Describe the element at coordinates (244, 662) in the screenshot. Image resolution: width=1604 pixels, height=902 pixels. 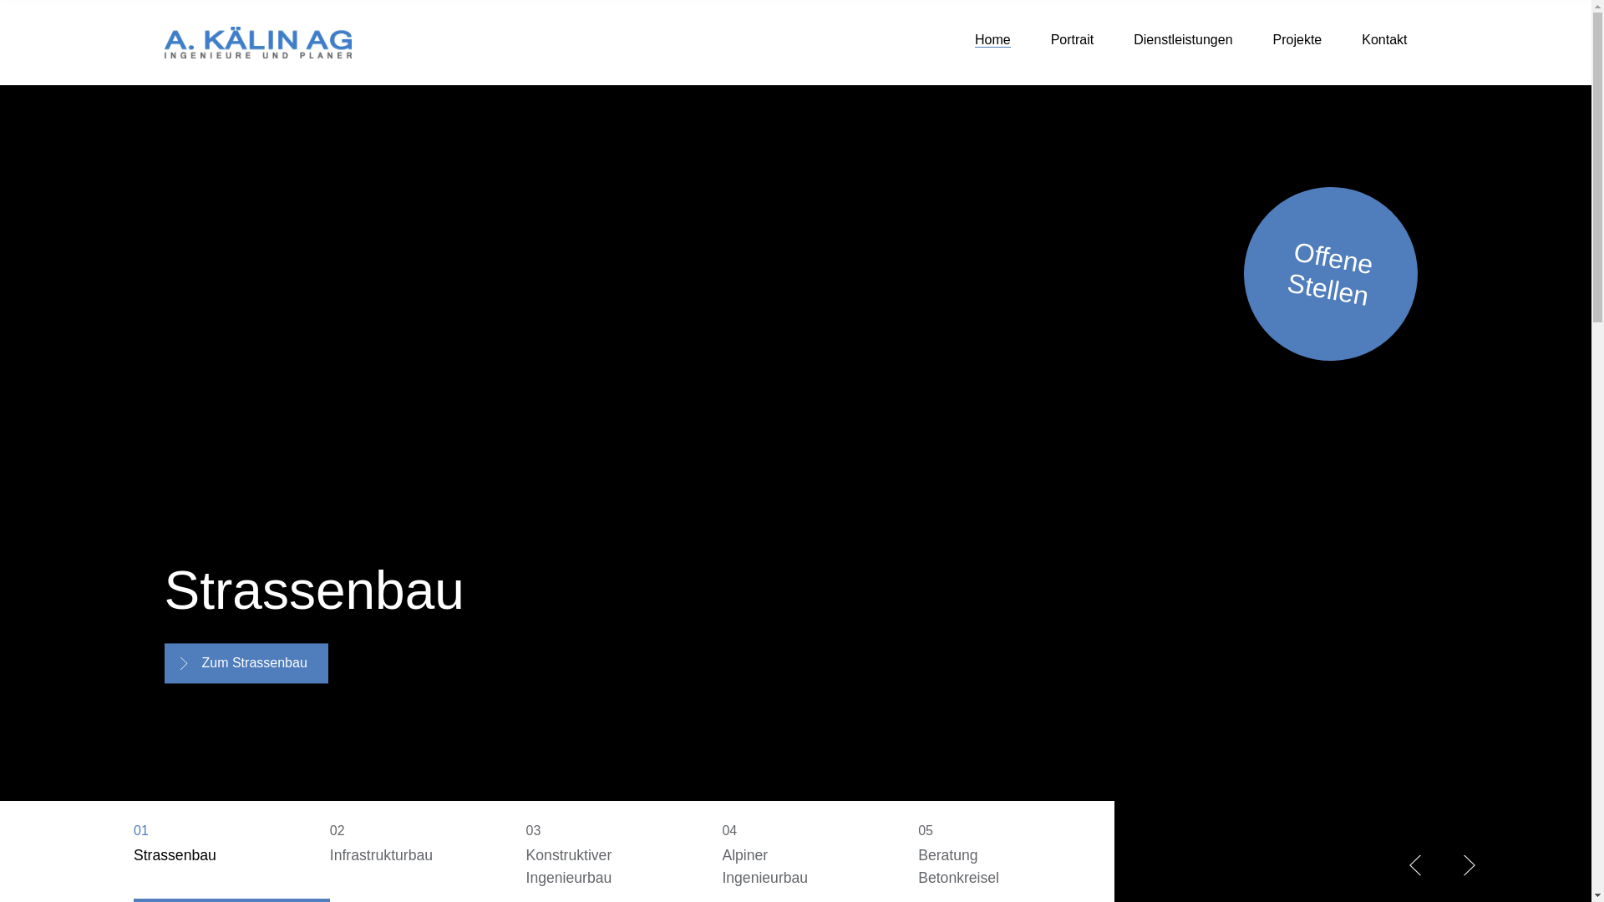
I see `'Zum Strassenbau'` at that location.